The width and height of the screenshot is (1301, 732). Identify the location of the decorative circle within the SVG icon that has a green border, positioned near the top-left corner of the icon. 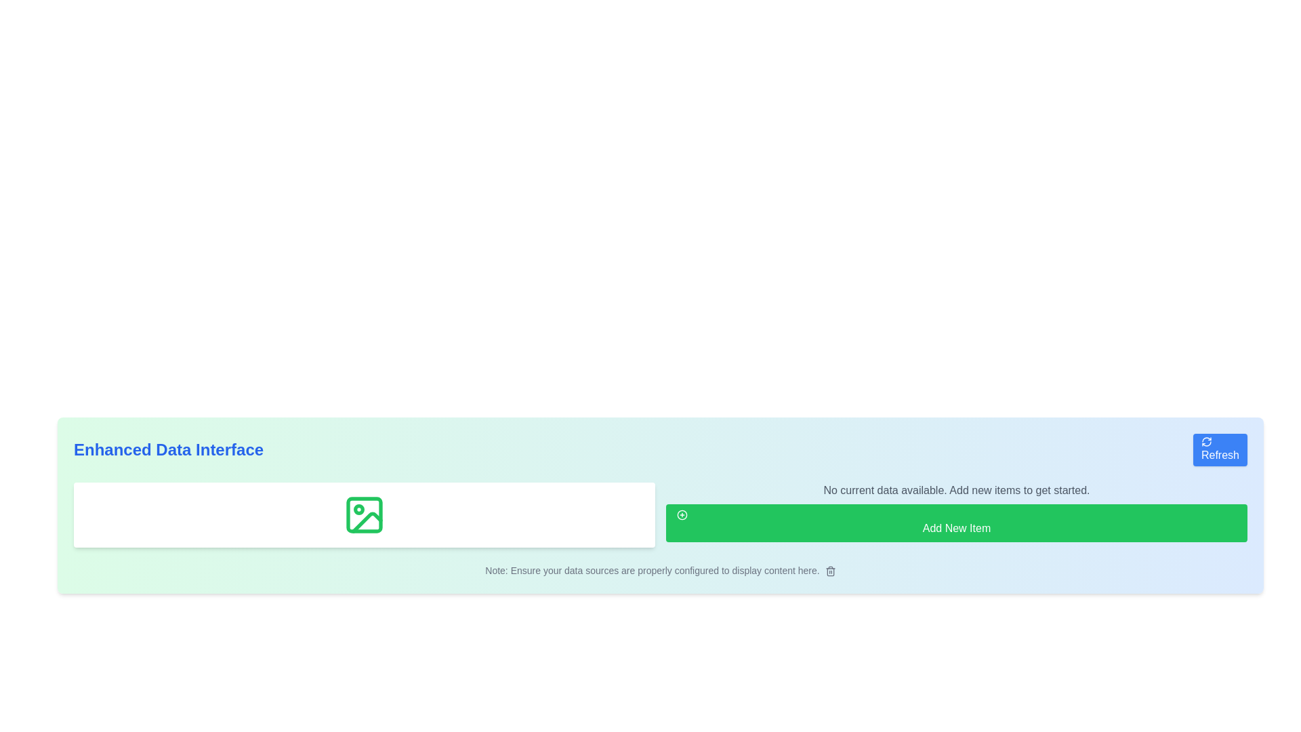
(358, 510).